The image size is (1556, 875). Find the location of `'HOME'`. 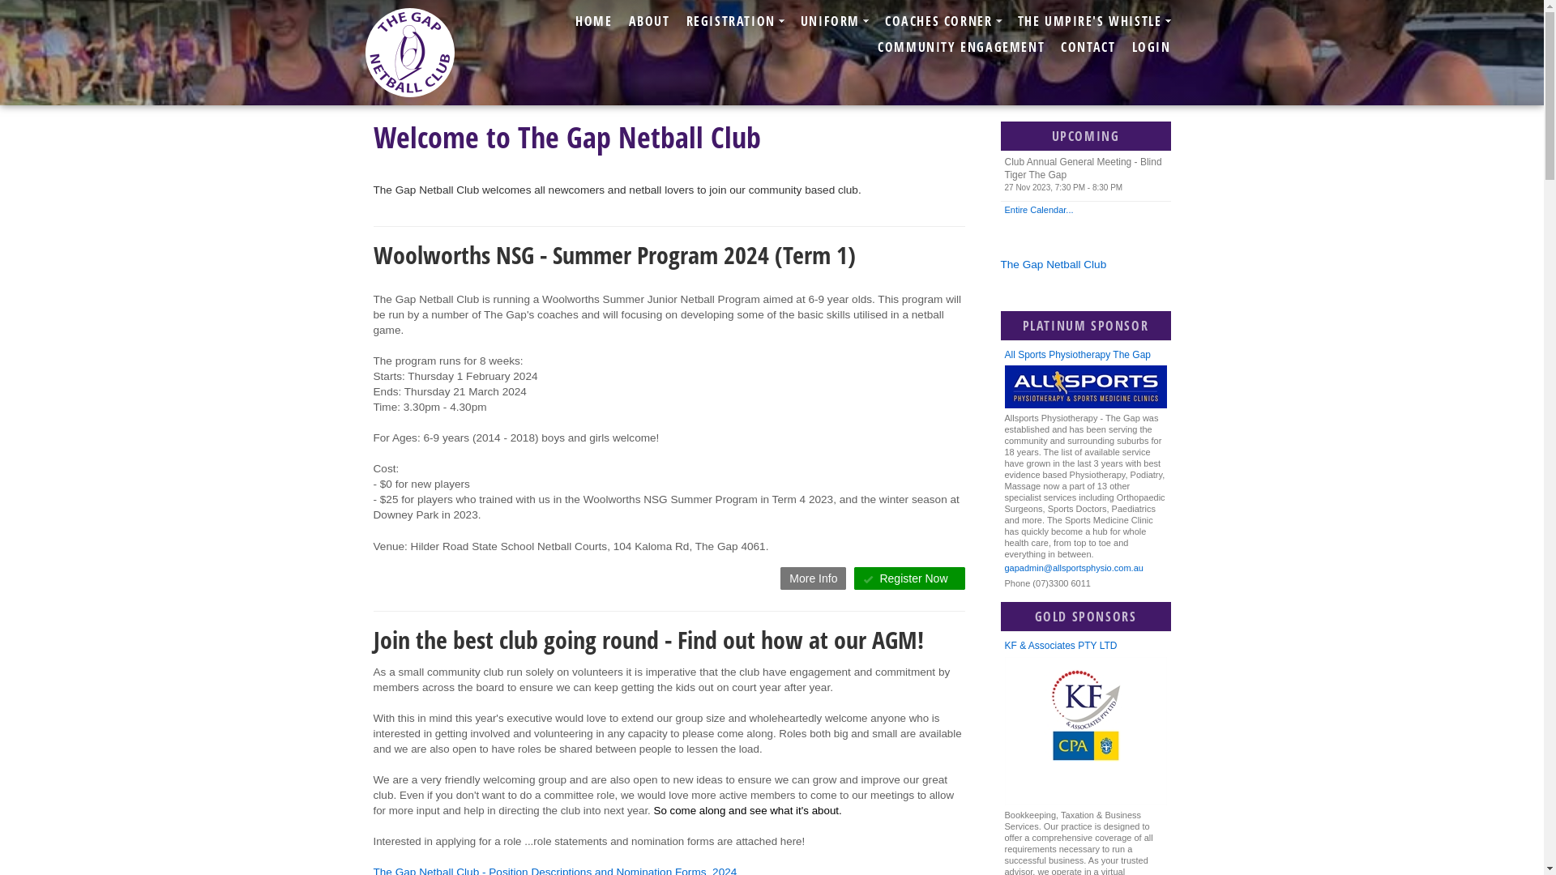

'HOME' is located at coordinates (592, 21).